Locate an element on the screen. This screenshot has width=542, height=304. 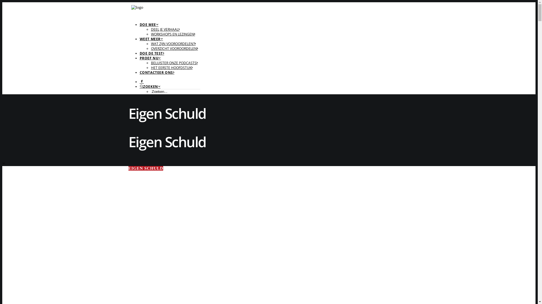
'OVERZICHT VOOROORDELEN' is located at coordinates (174, 48).